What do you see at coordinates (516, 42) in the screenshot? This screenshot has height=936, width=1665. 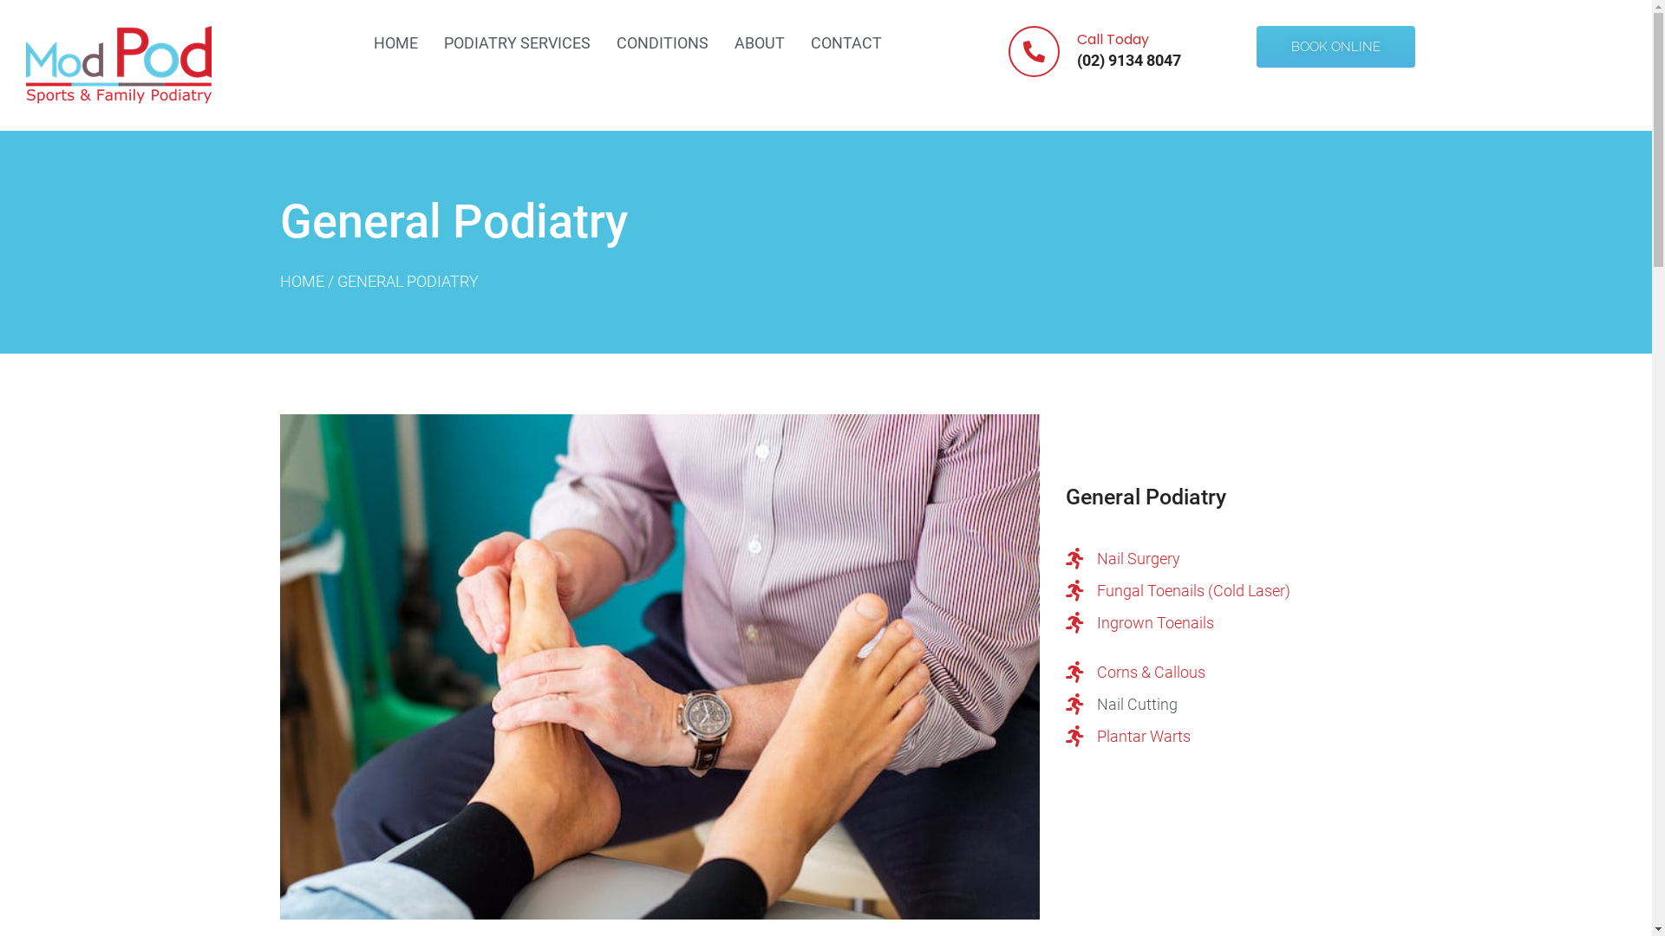 I see `'PODIATRY SERVICES'` at bounding box center [516, 42].